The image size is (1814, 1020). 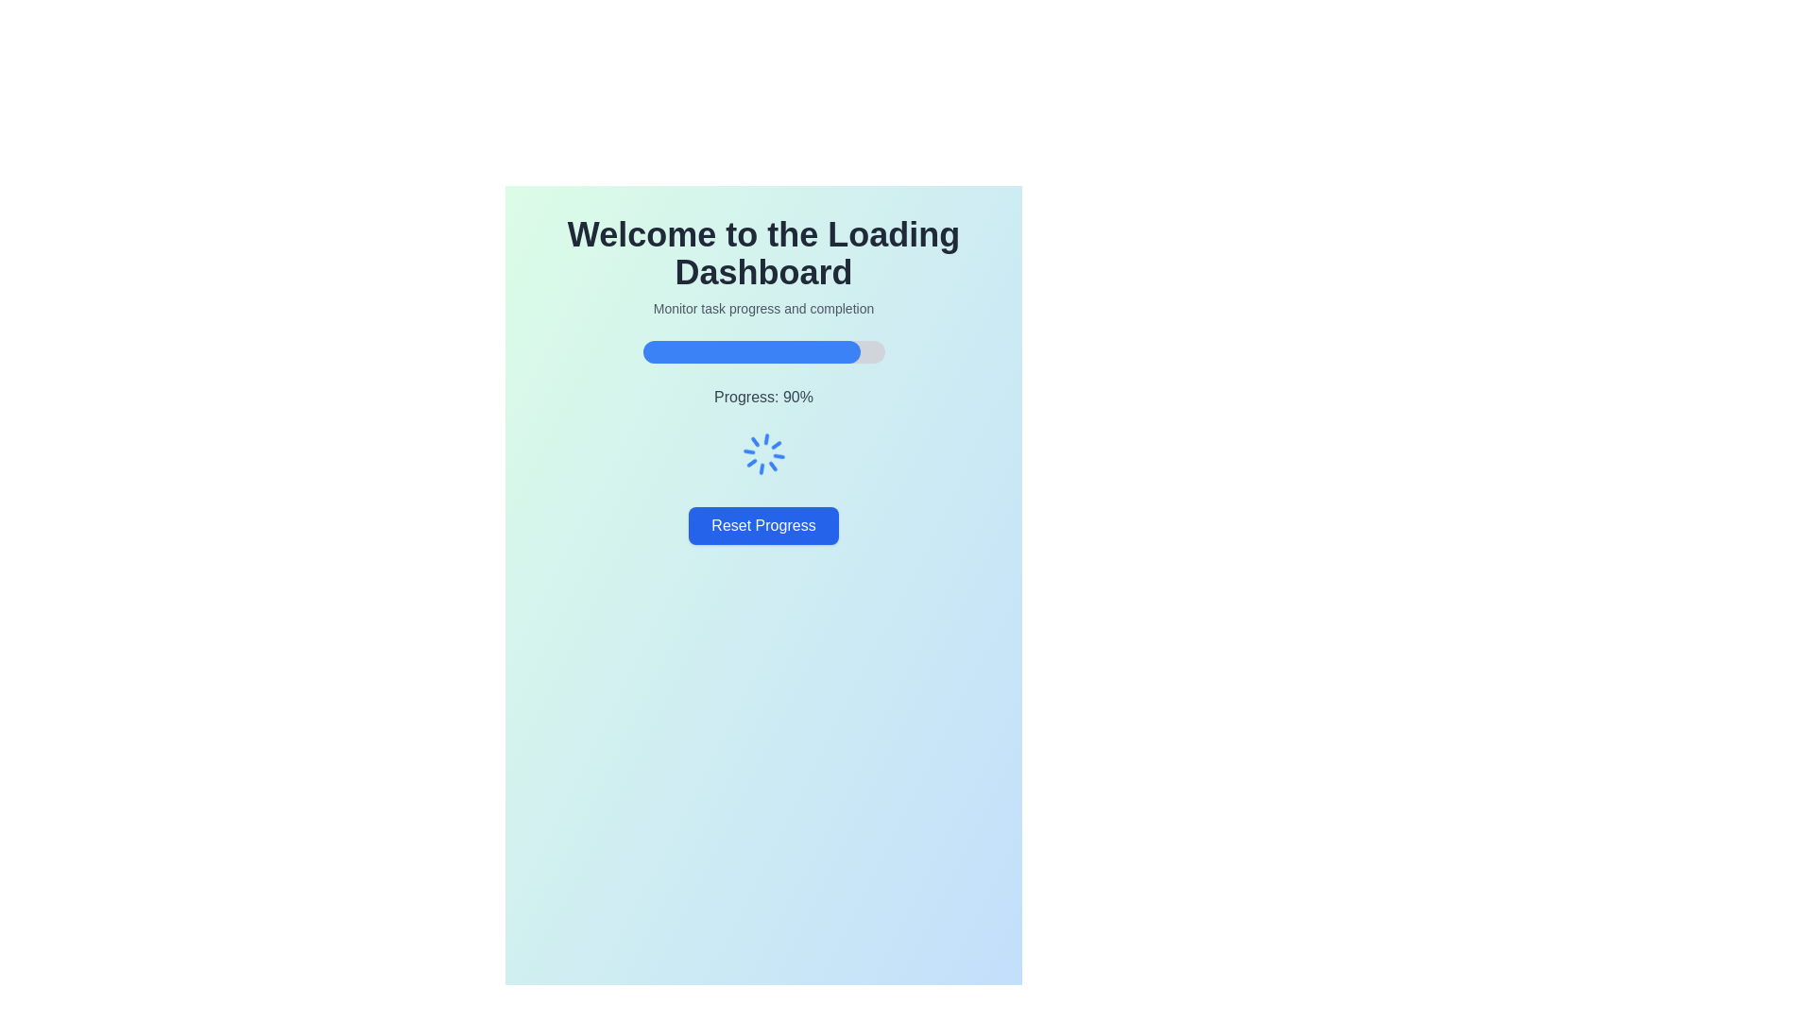 What do you see at coordinates (763, 454) in the screenshot?
I see `the loading spinner located directly below the progress text ('Progress: 90%') and above the 'Reset Progress' button in the centered column layout` at bounding box center [763, 454].